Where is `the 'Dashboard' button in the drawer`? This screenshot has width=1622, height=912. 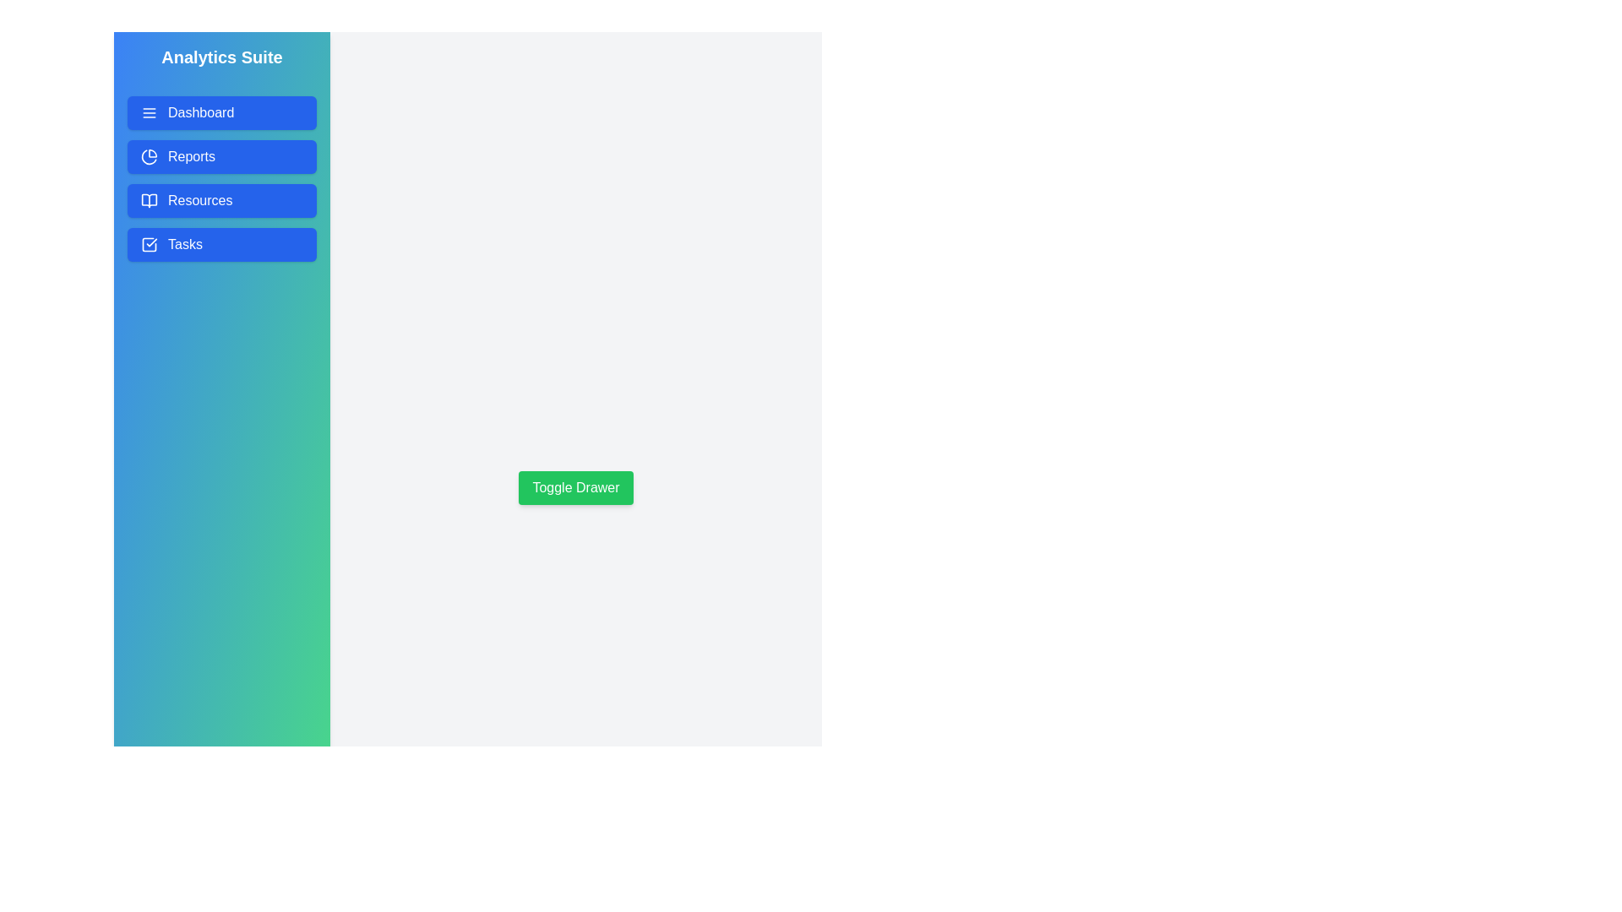 the 'Dashboard' button in the drawer is located at coordinates (221, 113).